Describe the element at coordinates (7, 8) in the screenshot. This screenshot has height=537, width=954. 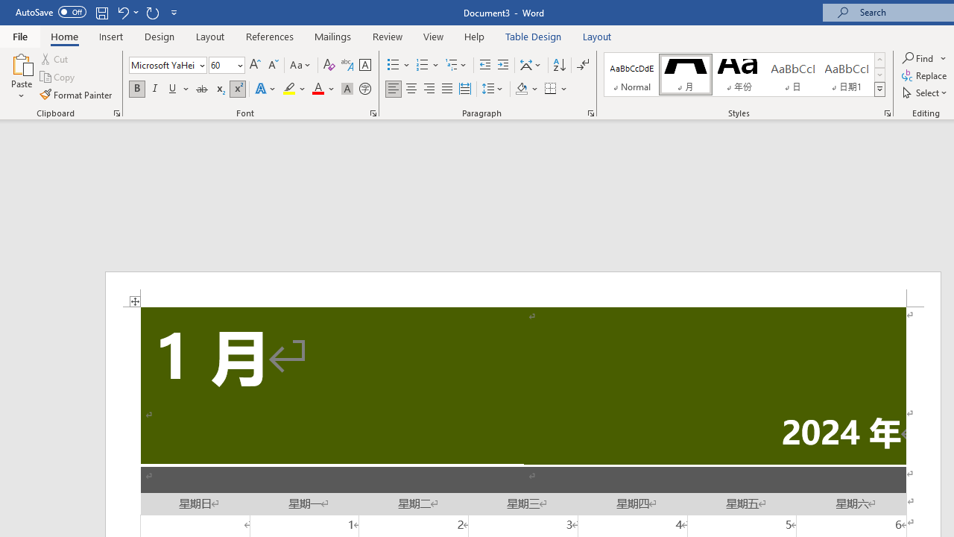
I see `'System'` at that location.